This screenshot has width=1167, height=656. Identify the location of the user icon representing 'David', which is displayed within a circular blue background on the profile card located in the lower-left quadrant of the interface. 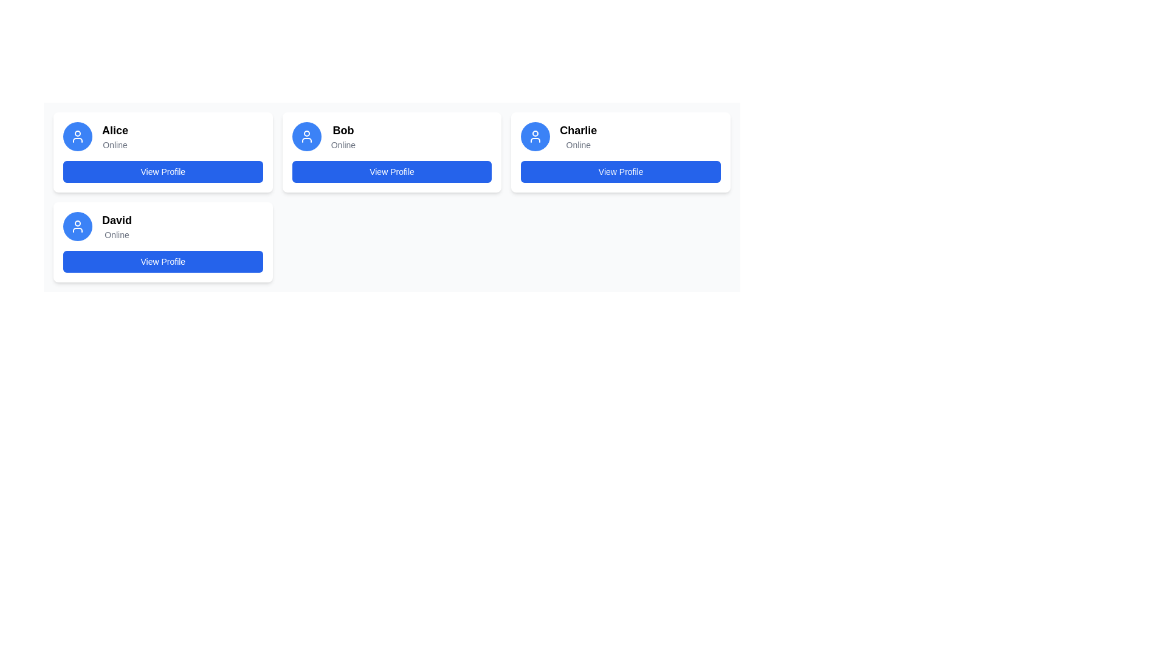
(77, 227).